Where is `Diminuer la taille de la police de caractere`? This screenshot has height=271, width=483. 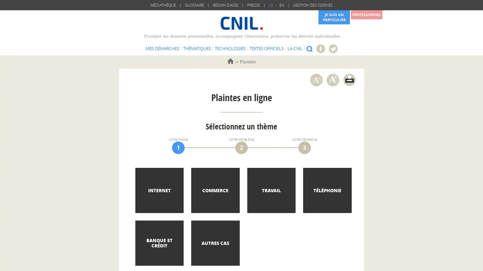 Diminuer la taille de la police de caractere is located at coordinates (316, 80).